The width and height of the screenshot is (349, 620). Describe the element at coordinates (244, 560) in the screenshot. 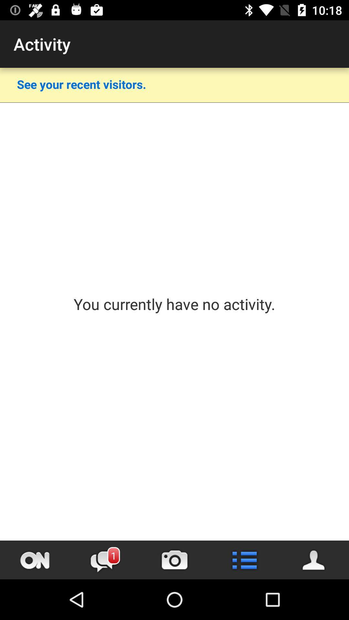

I see `list button` at that location.